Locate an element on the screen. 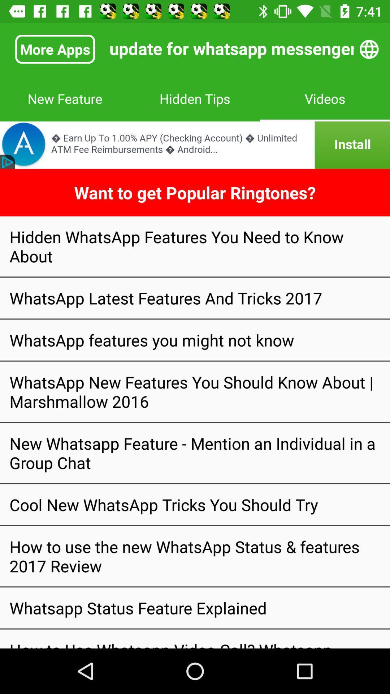  use global settings is located at coordinates (369, 49).